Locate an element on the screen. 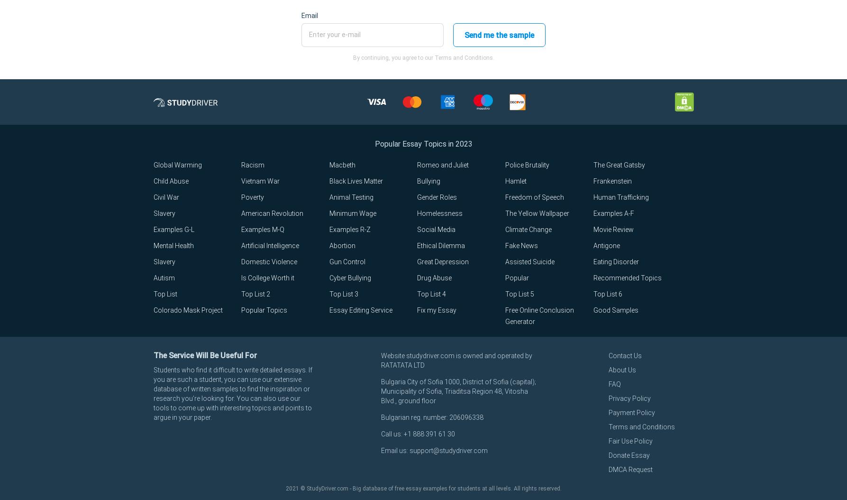  'American Revolution' is located at coordinates (272, 213).